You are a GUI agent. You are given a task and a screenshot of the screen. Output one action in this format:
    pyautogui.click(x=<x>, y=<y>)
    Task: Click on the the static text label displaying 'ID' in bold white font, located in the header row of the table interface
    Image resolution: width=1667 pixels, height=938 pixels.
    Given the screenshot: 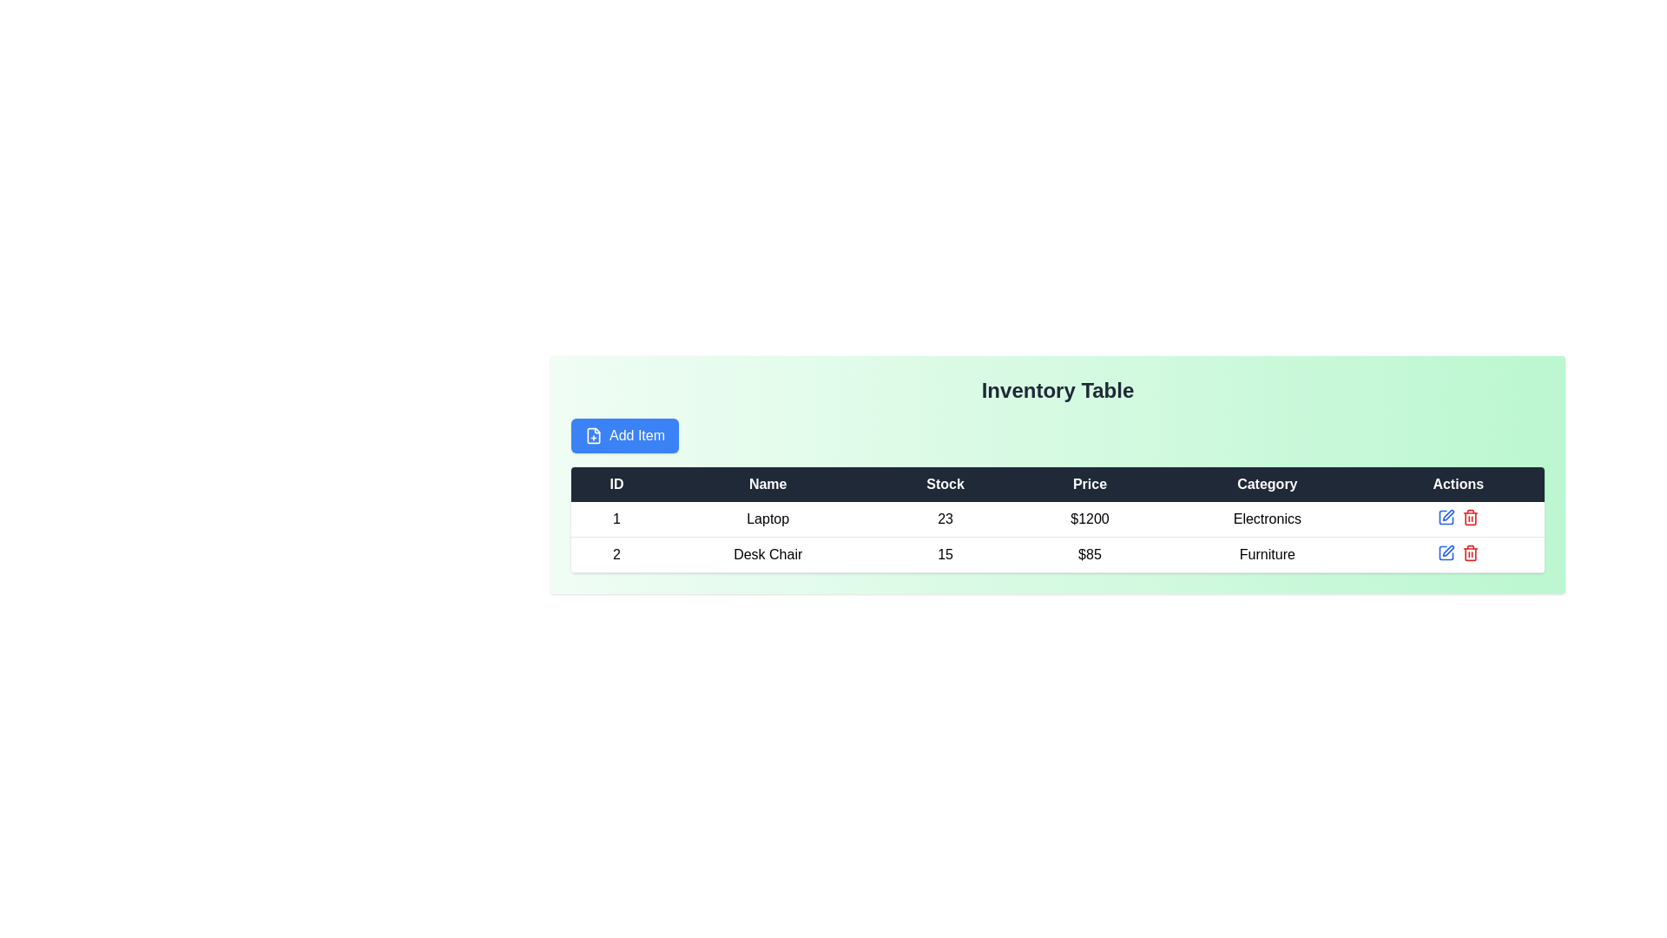 What is the action you would take?
    pyautogui.click(x=616, y=485)
    